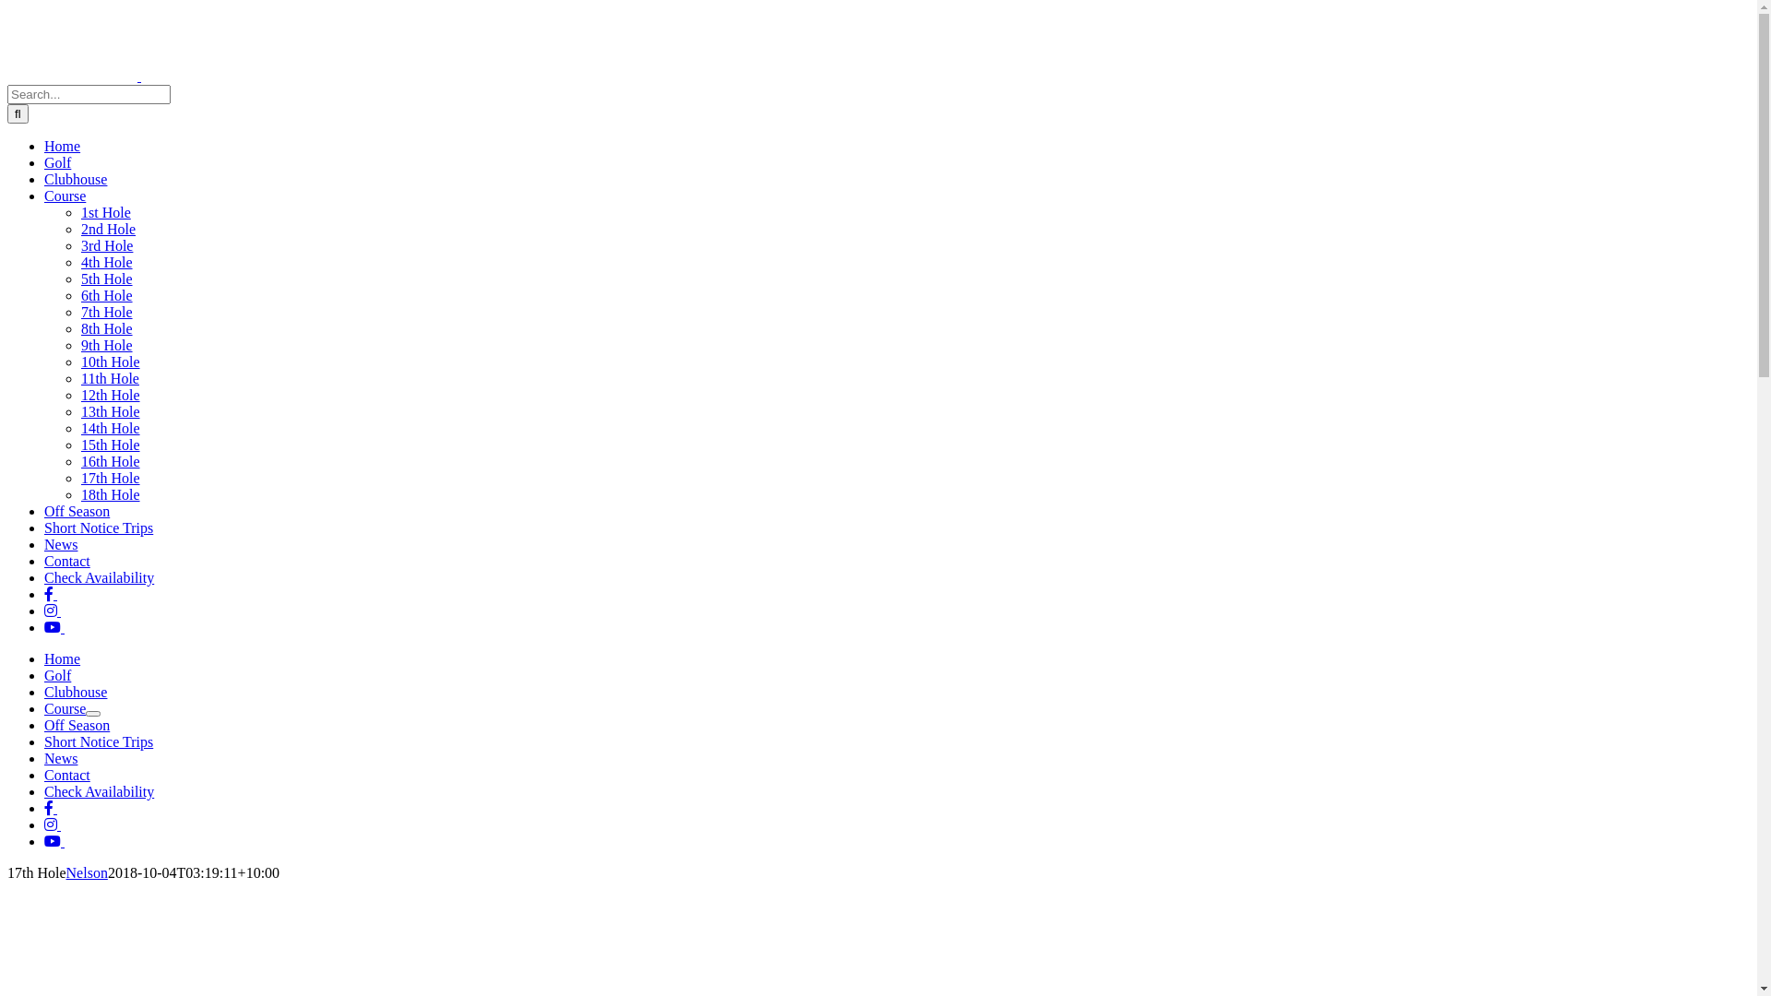 The image size is (1771, 996). What do you see at coordinates (50, 594) in the screenshot?
I see `'Facebook'` at bounding box center [50, 594].